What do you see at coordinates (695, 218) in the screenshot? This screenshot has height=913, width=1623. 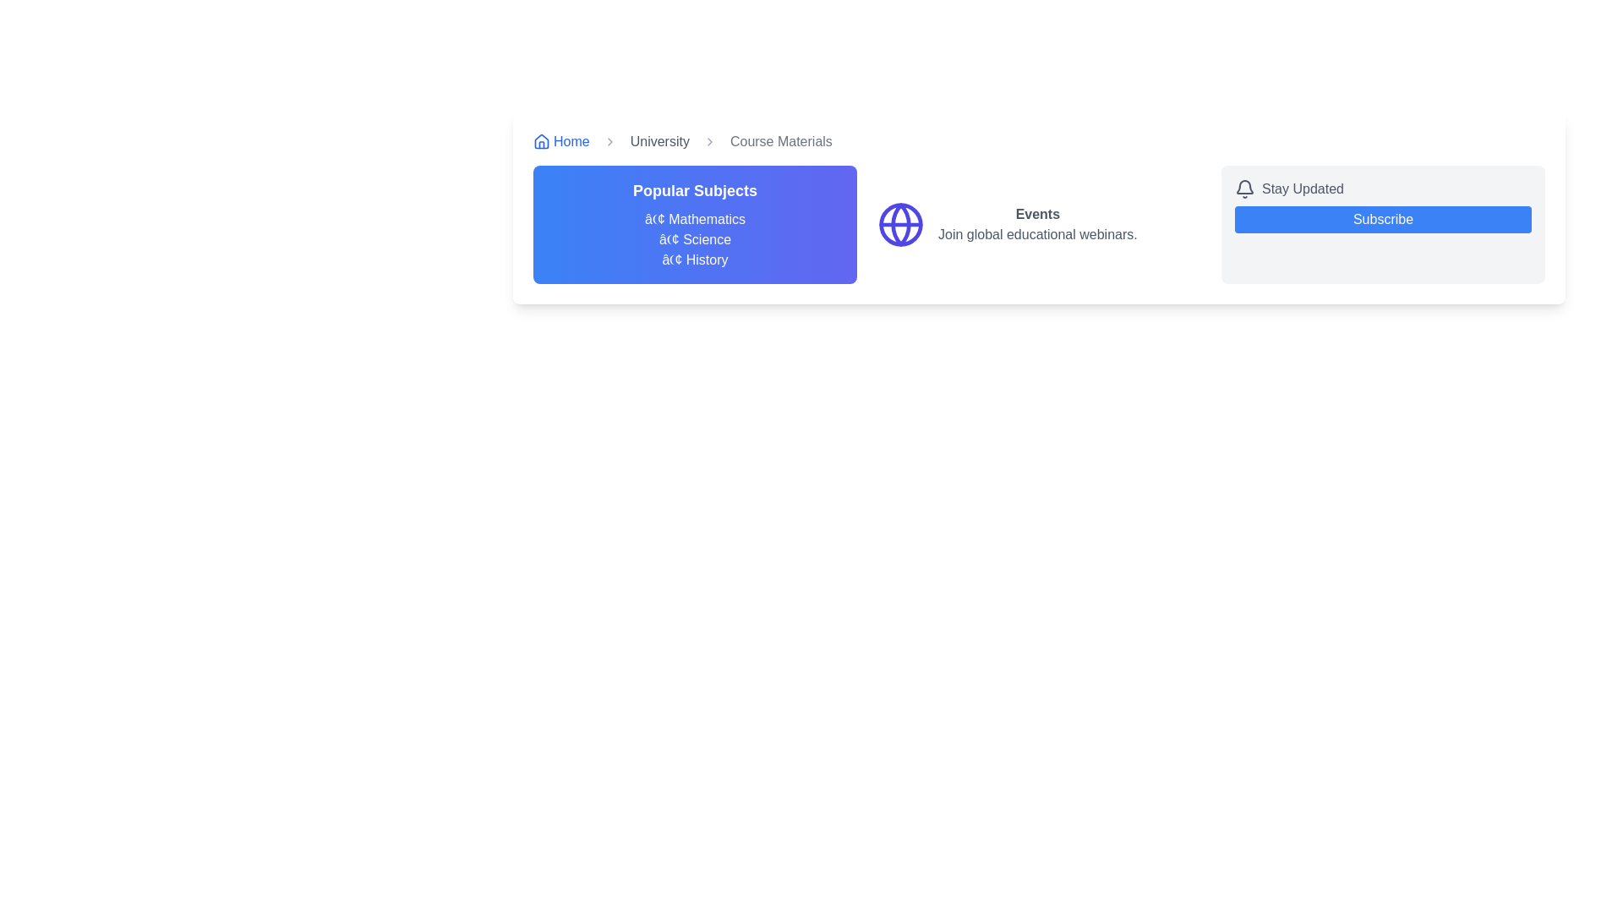 I see `the text label reading '• Mathematics'` at bounding box center [695, 218].